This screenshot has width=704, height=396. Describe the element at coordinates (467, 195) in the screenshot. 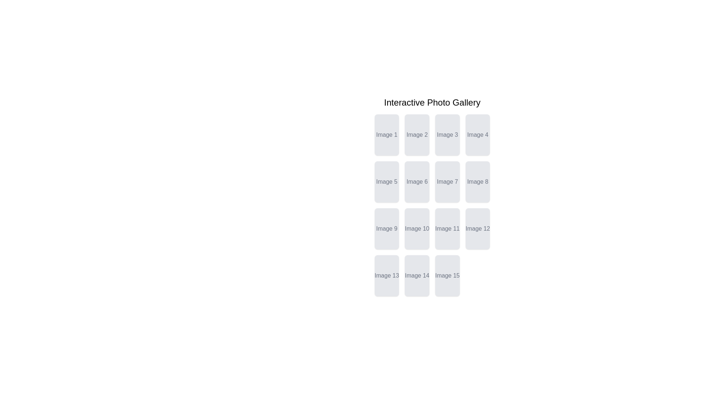

I see `the SVG speech bubble icon within the 'Comment' button located beneath the seventh image in the second row of the interactive photo gallery` at that location.